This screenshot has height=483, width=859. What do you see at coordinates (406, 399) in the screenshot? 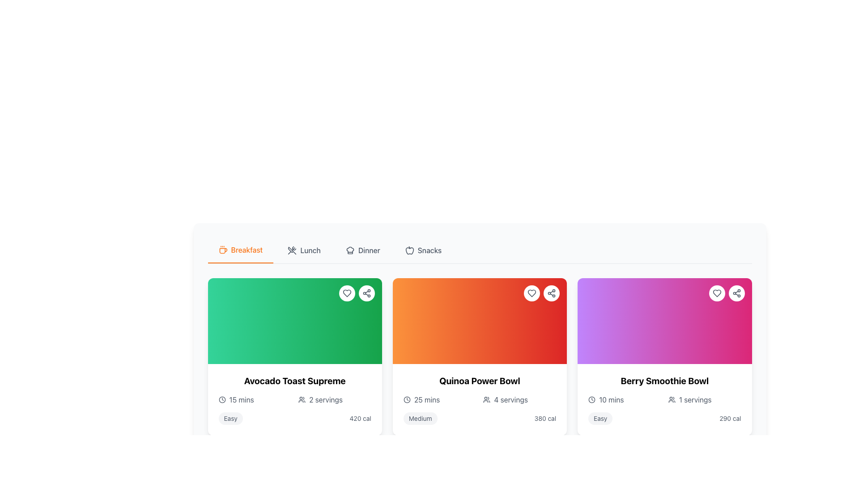
I see `the small clock icon with a circular outline and clock hands, which is part of the '25 mins' text, located beneath the 'Quinoa Power Bowl' title` at bounding box center [406, 399].